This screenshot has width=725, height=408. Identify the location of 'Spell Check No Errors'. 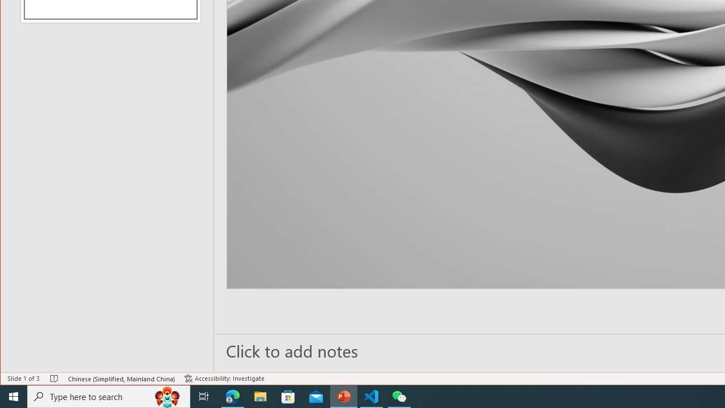
(54, 379).